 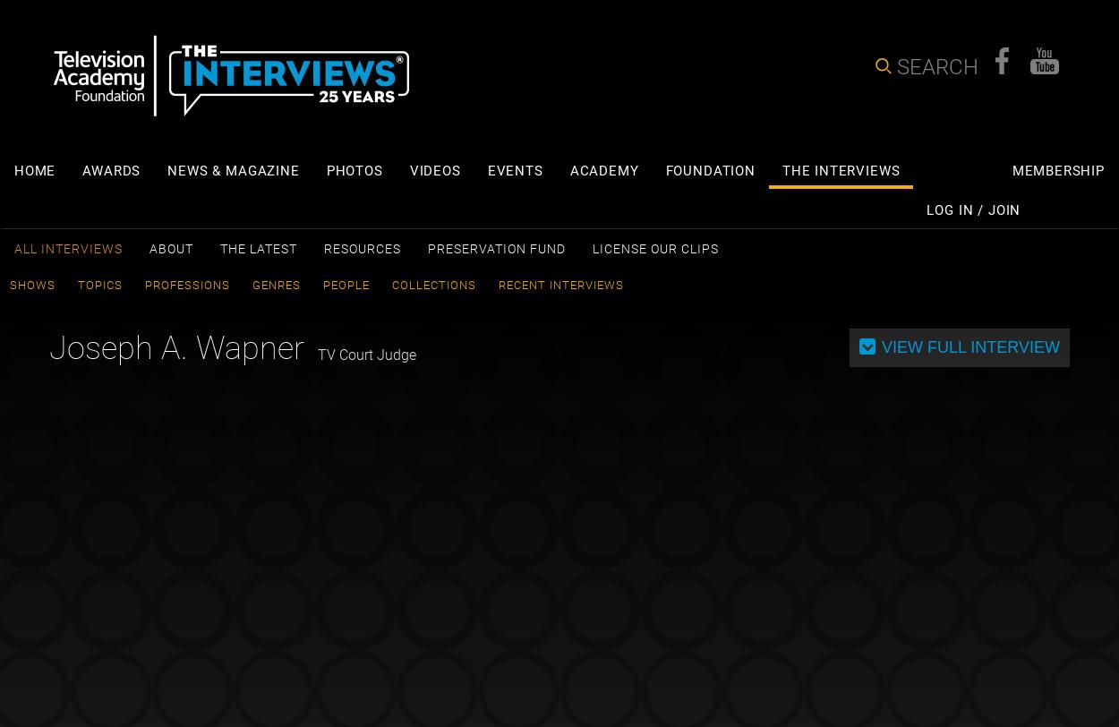 I want to click on 'The Interviews', so click(x=781, y=170).